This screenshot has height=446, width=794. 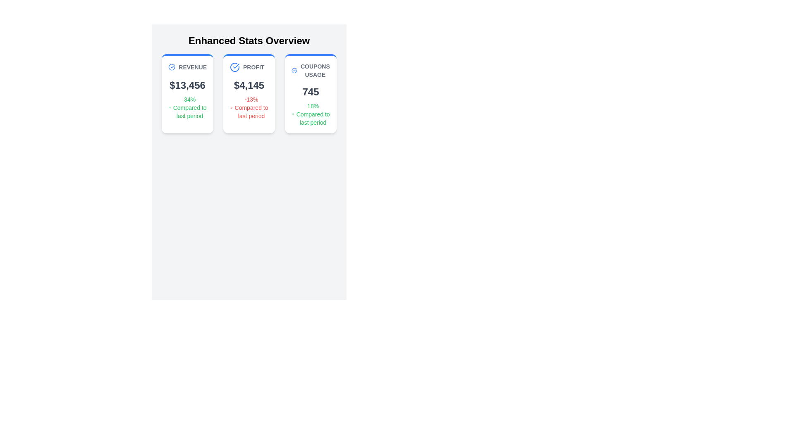 What do you see at coordinates (310, 106) in the screenshot?
I see `the Statistical Display element that shows the large bold '745' and the smaller green '18% Compared to last period' with an upward arrow icon, located in the third card labeled 'COUPONS USAGE'` at bounding box center [310, 106].